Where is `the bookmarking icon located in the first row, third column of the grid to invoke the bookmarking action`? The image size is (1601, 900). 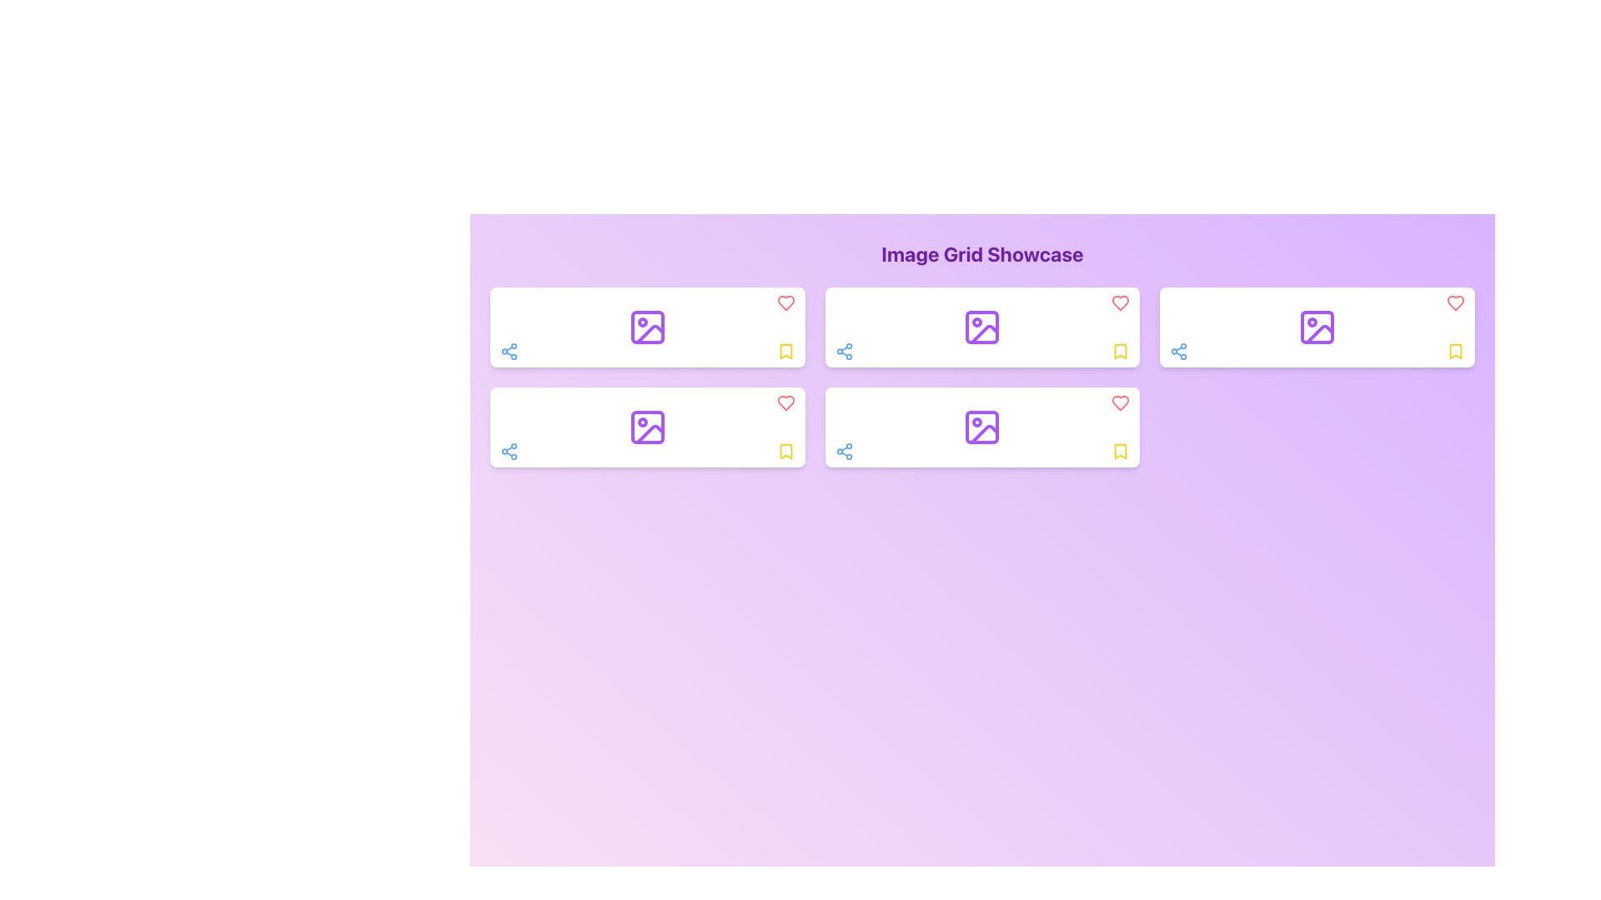 the bookmarking icon located in the first row, third column of the grid to invoke the bookmarking action is located at coordinates (1121, 350).